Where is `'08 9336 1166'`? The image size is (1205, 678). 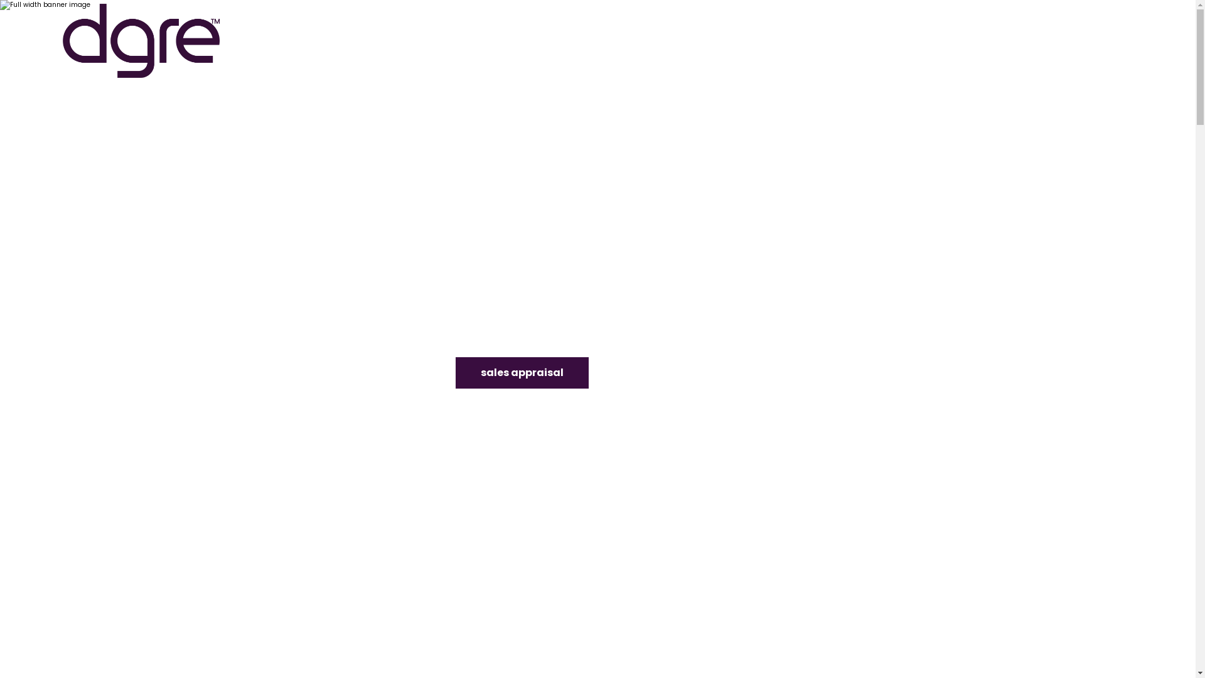
'08 9336 1166' is located at coordinates (1054, 40).